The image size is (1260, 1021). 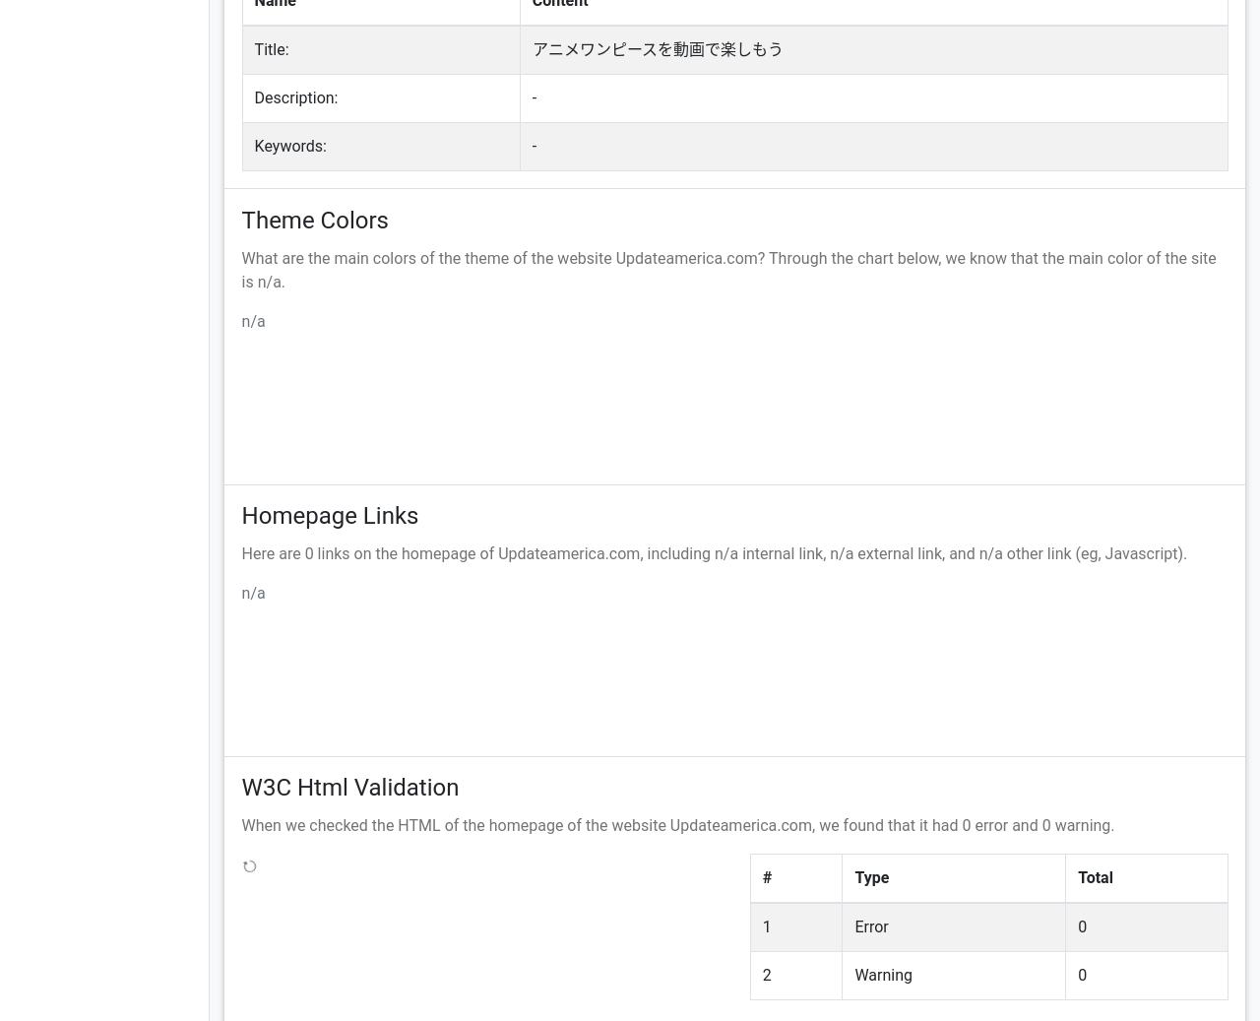 What do you see at coordinates (329, 515) in the screenshot?
I see `'Homepage Links'` at bounding box center [329, 515].